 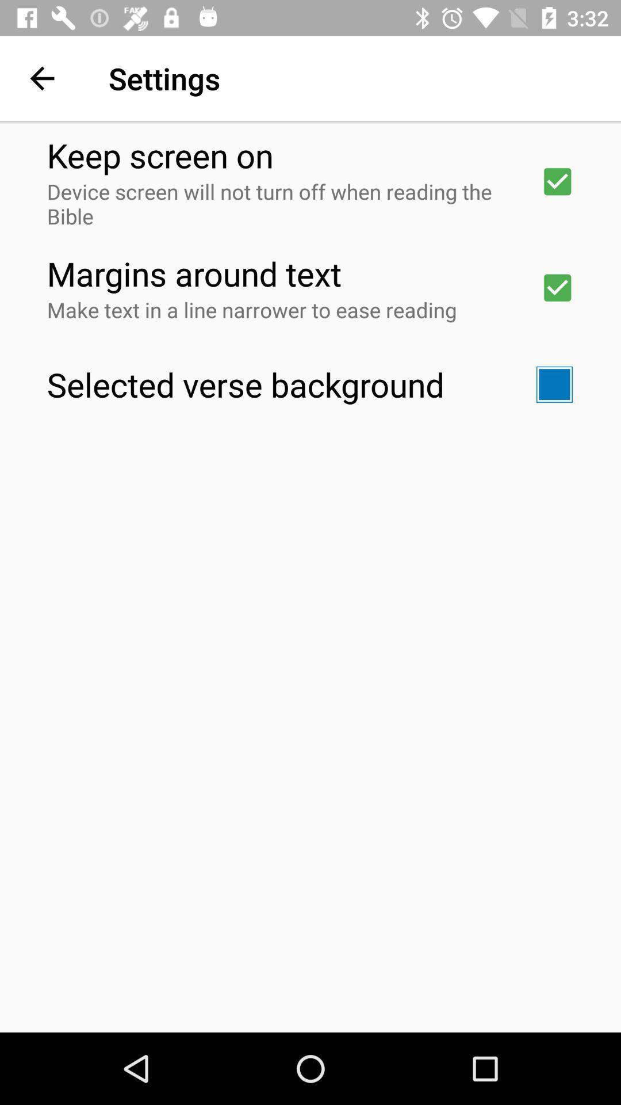 I want to click on the icon to the left of the settings, so click(x=41, y=78).